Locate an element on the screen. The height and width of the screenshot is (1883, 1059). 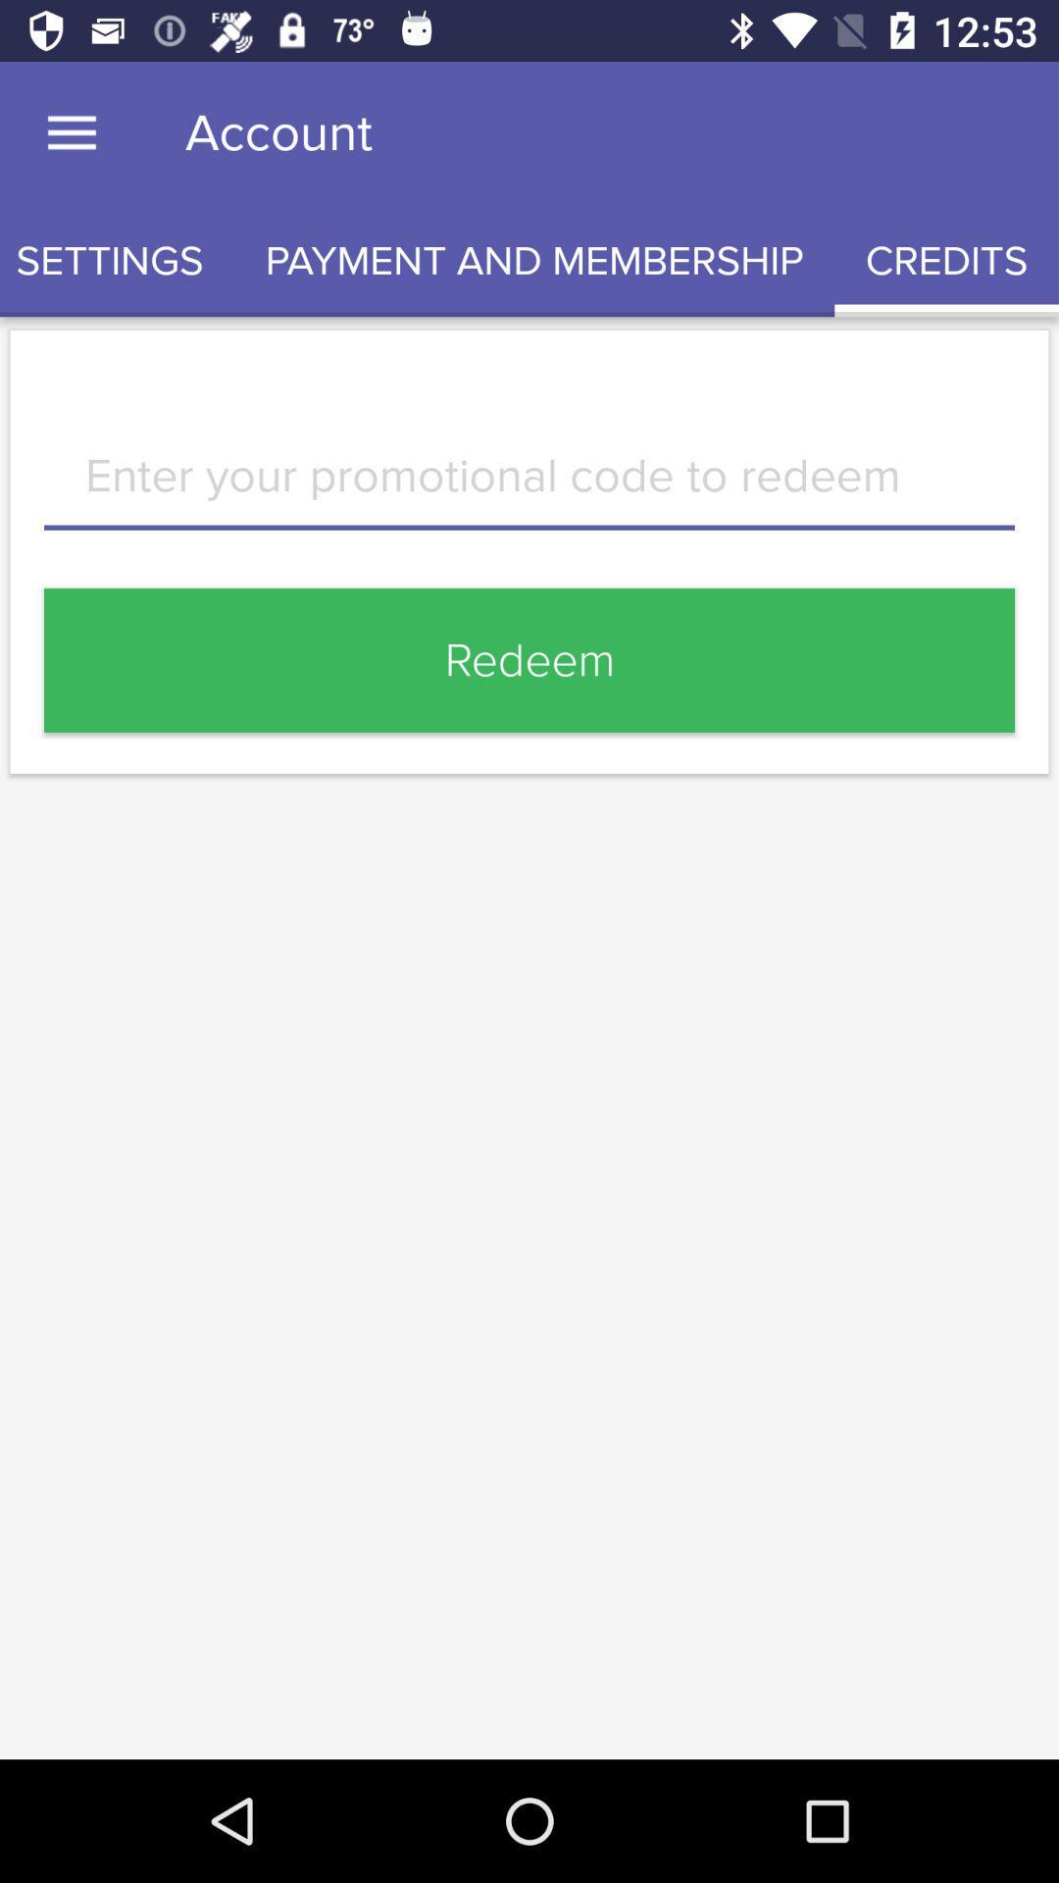
the credits item is located at coordinates (945, 260).